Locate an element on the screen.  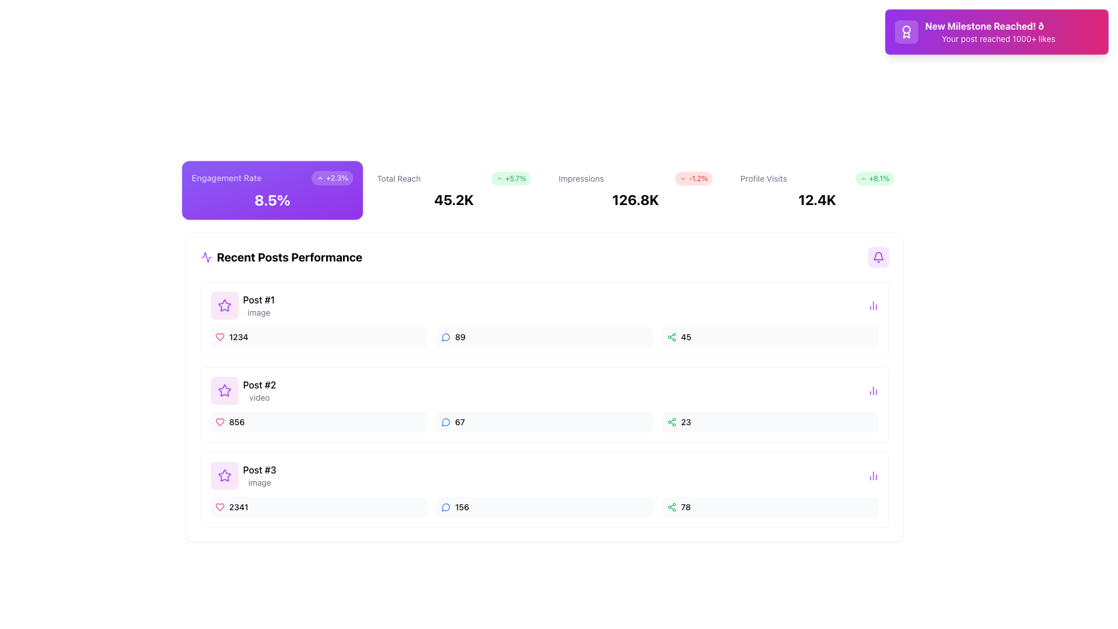
the Informational badge indicating a percentage increase in the 'Total Reach' section, positioned to the right of the heading text and above the numerical summary '45.2K' is located at coordinates (511, 179).